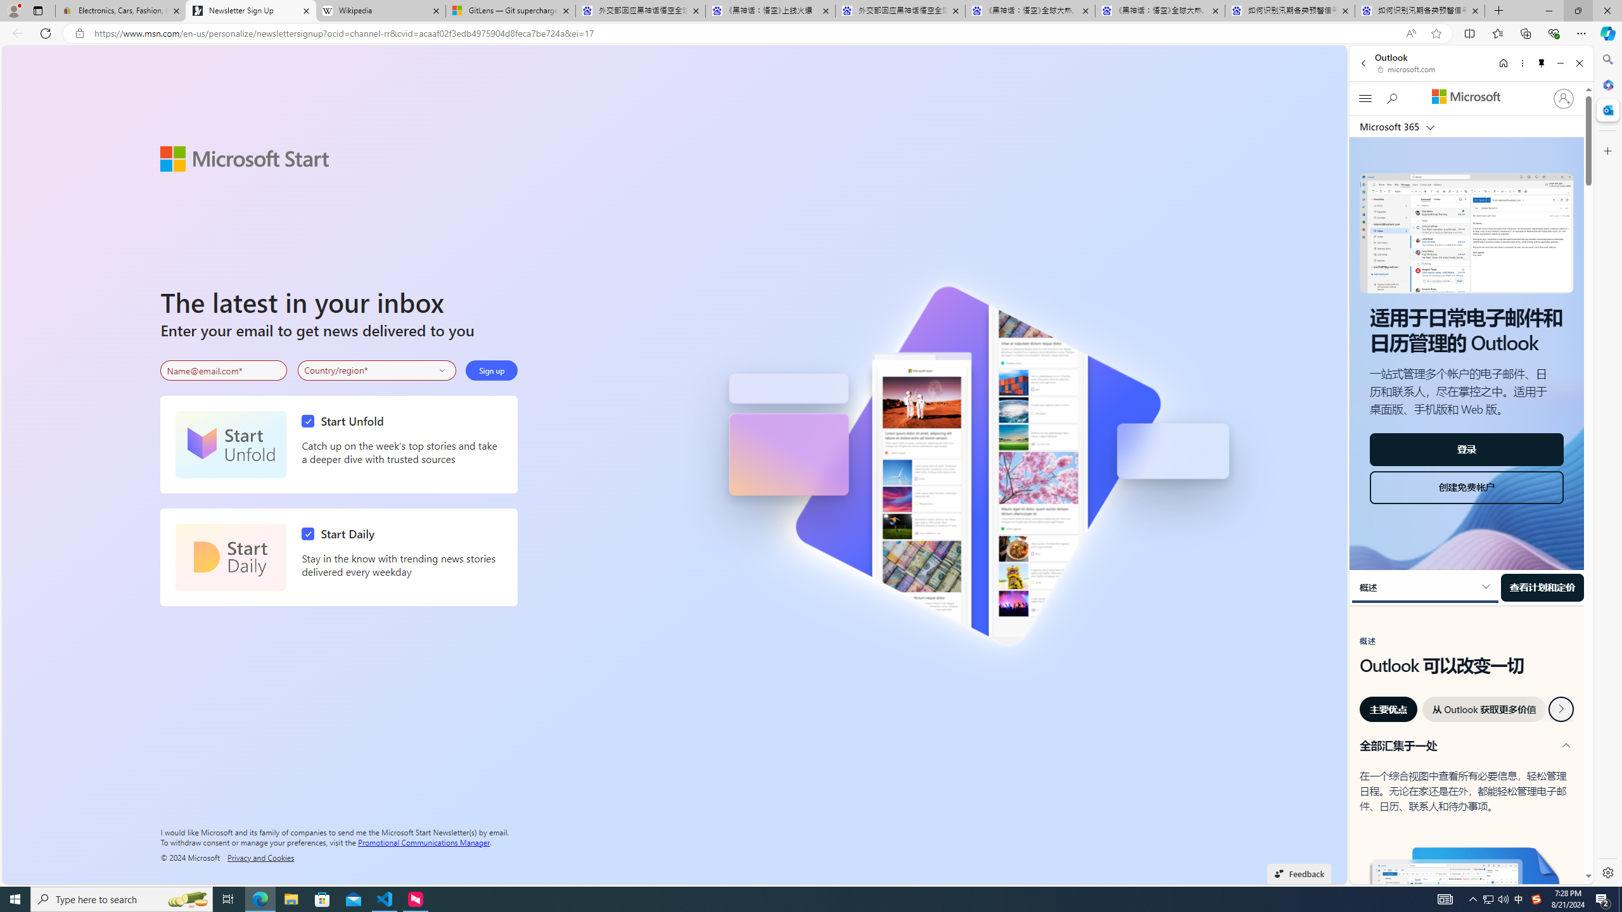 This screenshot has height=912, width=1622. Describe the element at coordinates (250, 10) in the screenshot. I see `'Newsletter Sign Up'` at that location.